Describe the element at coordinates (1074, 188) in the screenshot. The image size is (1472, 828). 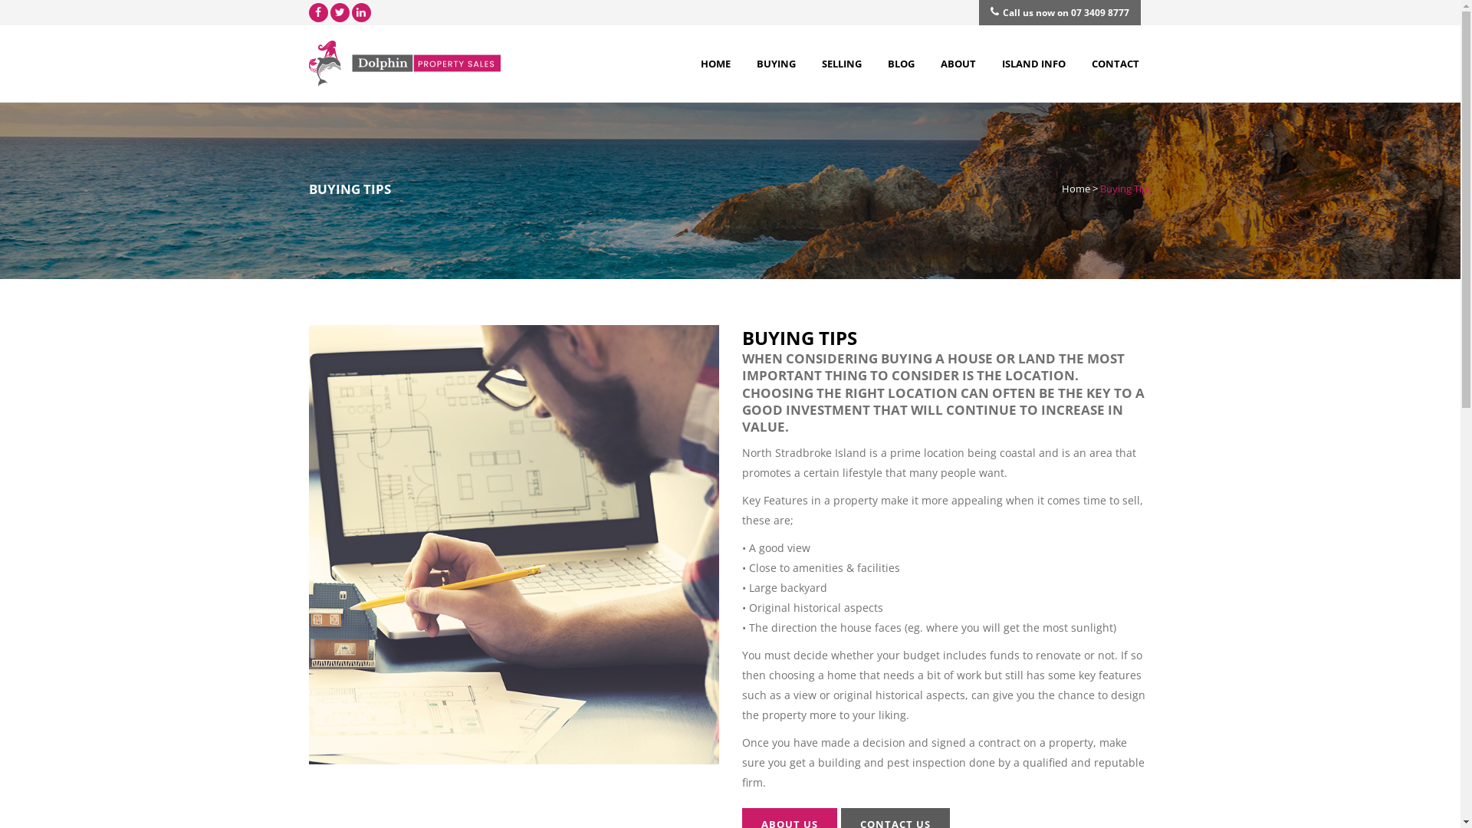
I see `'Home'` at that location.